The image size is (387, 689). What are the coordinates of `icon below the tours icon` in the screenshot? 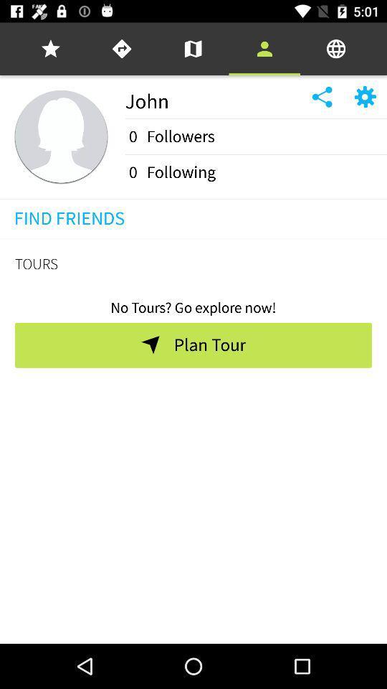 It's located at (193, 303).